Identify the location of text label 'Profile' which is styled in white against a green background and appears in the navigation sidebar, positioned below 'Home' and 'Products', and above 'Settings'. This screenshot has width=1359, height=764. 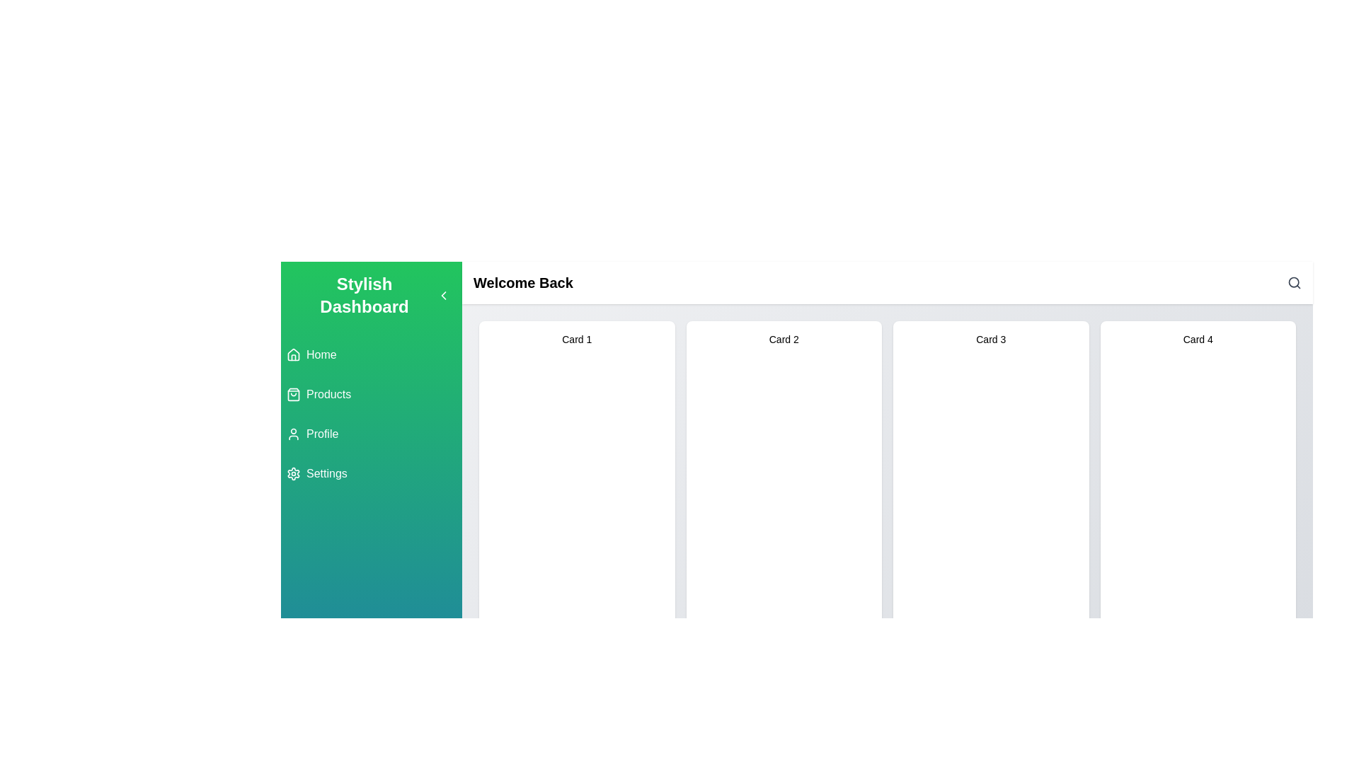
(321, 433).